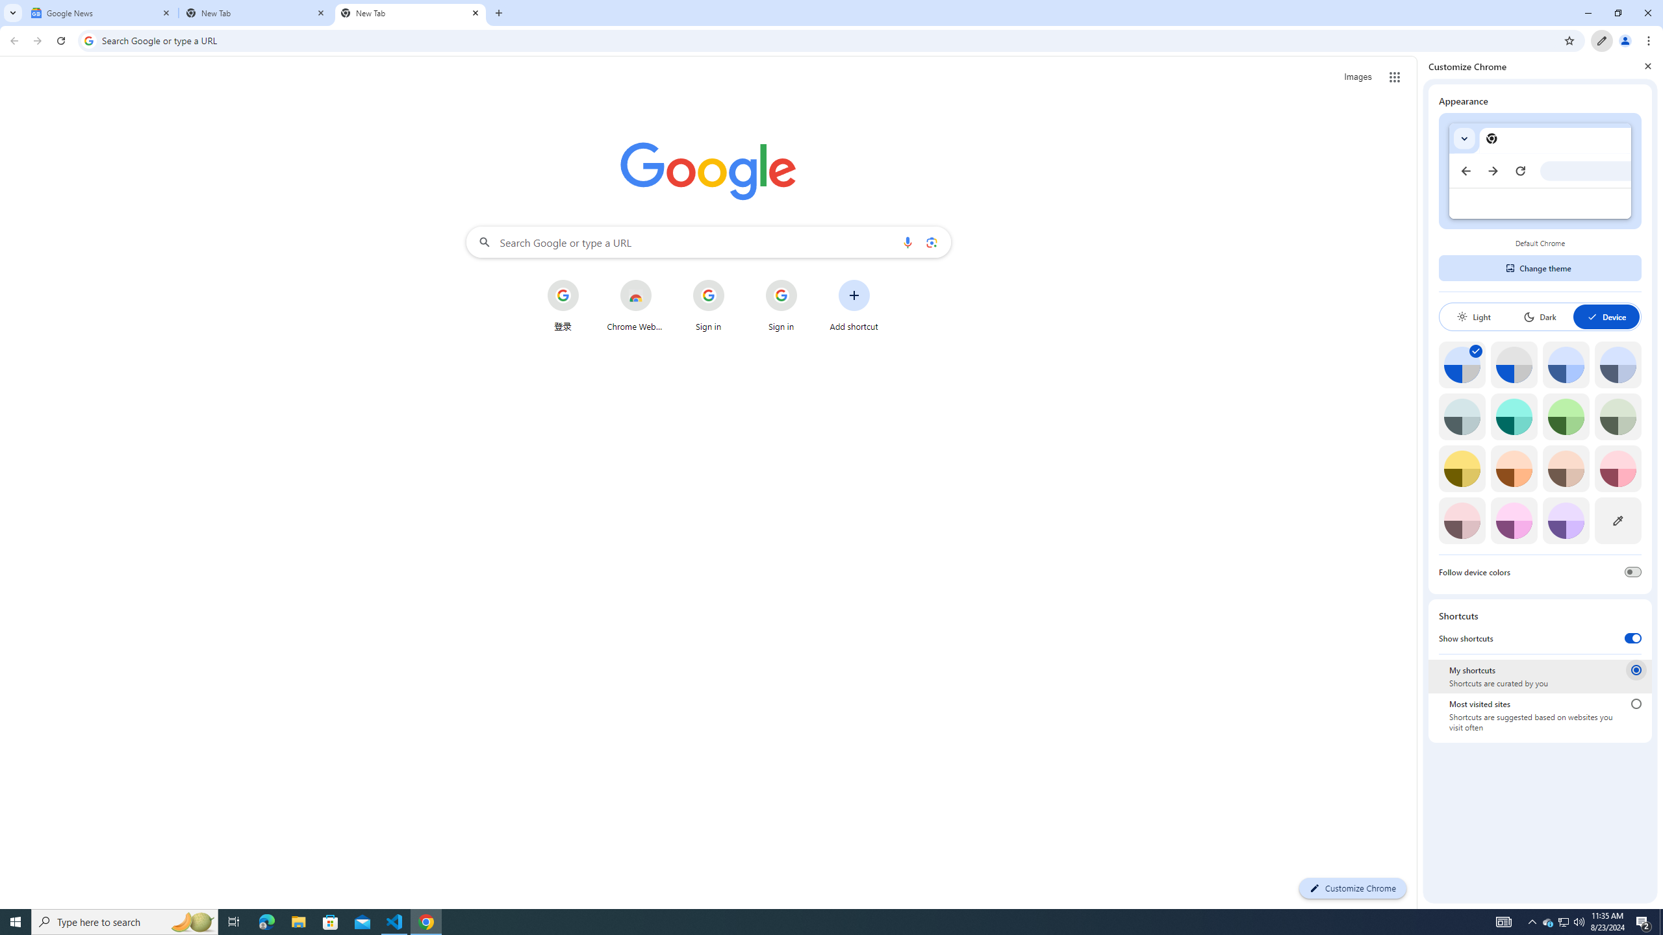 This screenshot has height=935, width=1663. What do you see at coordinates (1605, 316) in the screenshot?
I see `'Device'` at bounding box center [1605, 316].